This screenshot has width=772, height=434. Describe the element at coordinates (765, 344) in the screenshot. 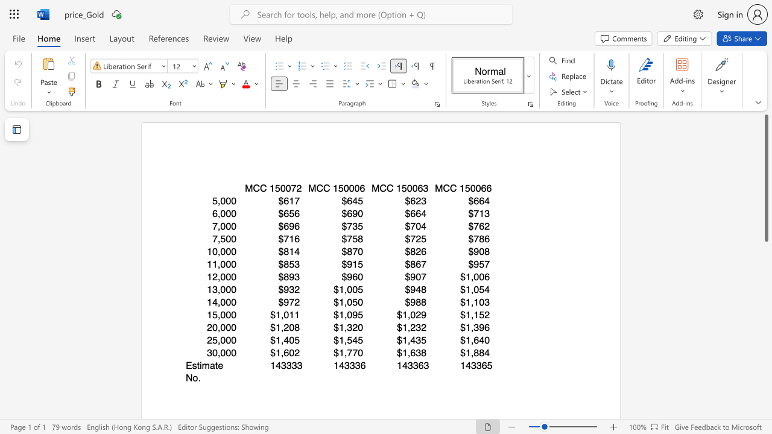

I see `the scrollbar to scroll the page down` at that location.